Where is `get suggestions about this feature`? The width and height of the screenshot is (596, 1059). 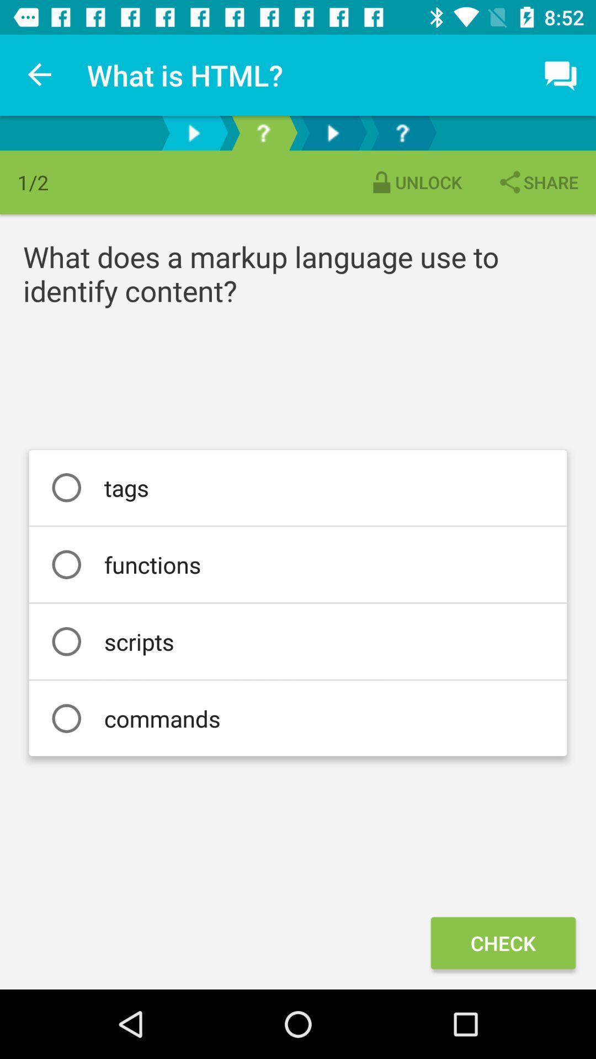 get suggestions about this feature is located at coordinates (402, 132).